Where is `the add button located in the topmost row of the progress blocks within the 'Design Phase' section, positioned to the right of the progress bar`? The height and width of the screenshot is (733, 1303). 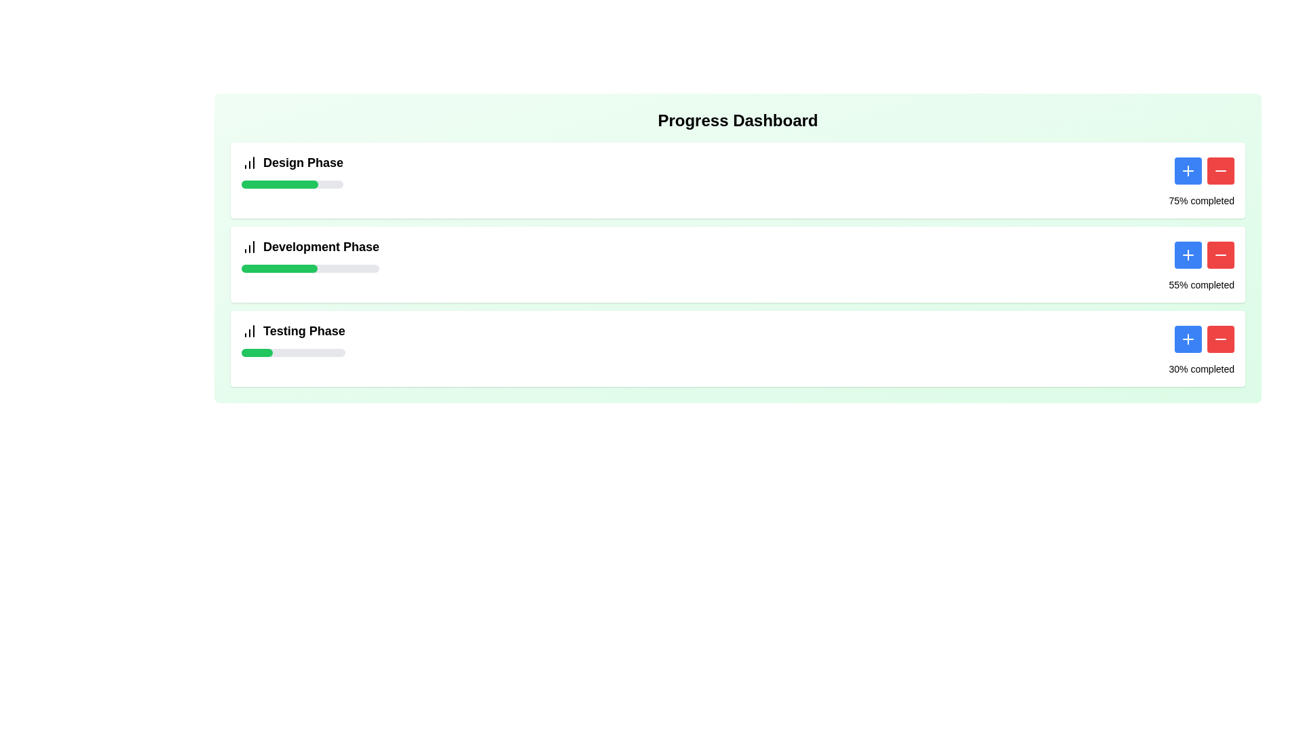 the add button located in the topmost row of the progress blocks within the 'Design Phase' section, positioned to the right of the progress bar is located at coordinates (1188, 170).